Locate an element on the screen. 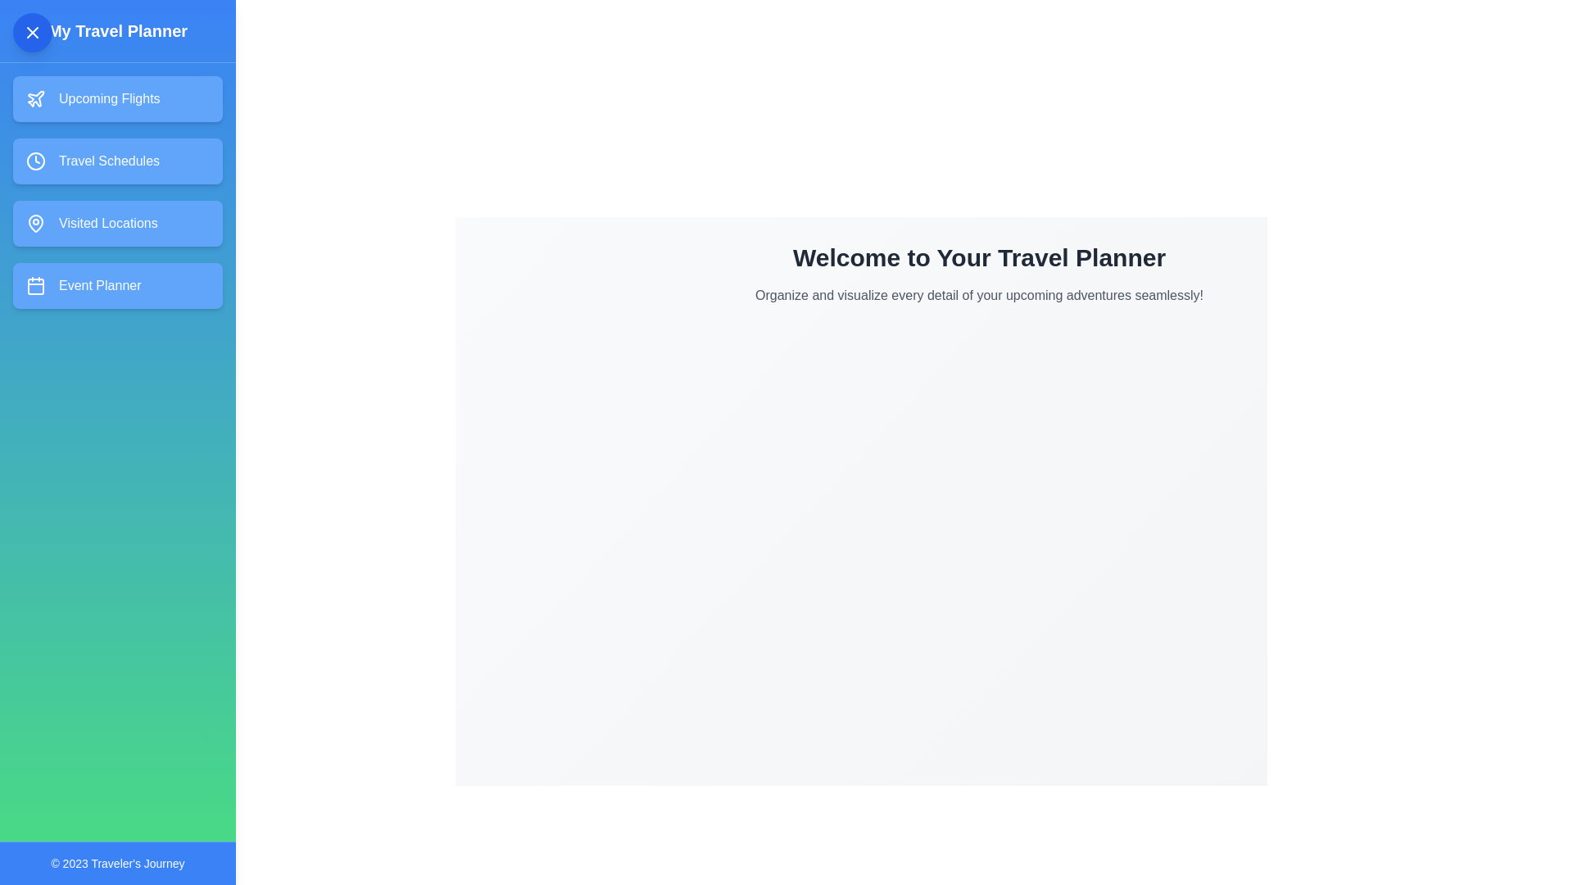 The image size is (1573, 885). the navigation button for 'Travel Schedules' located in the sidebar, which is the second button below 'Upcoming Flights' is located at coordinates (117, 161).